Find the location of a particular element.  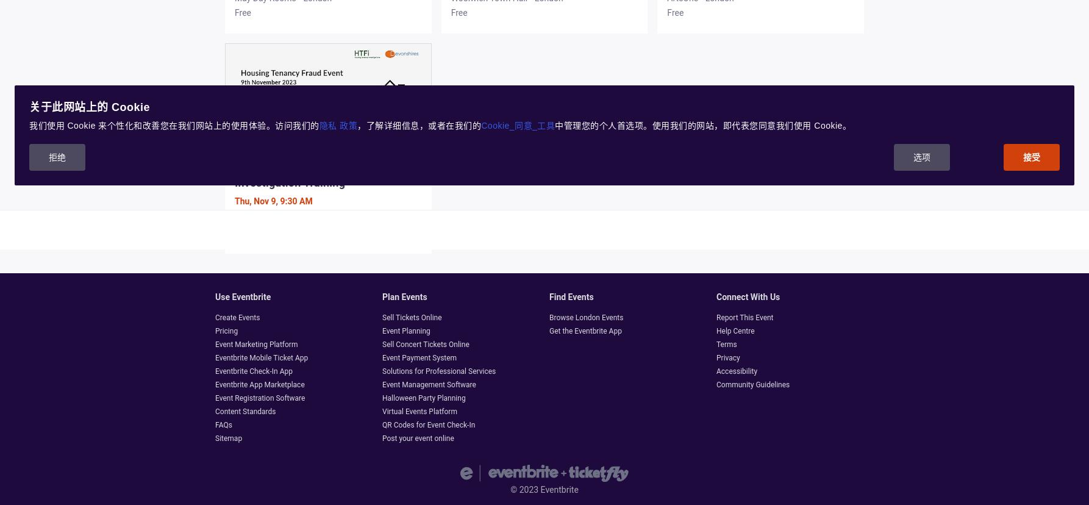

'Devonshires Solicitors LLP • London' is located at coordinates (302, 218).